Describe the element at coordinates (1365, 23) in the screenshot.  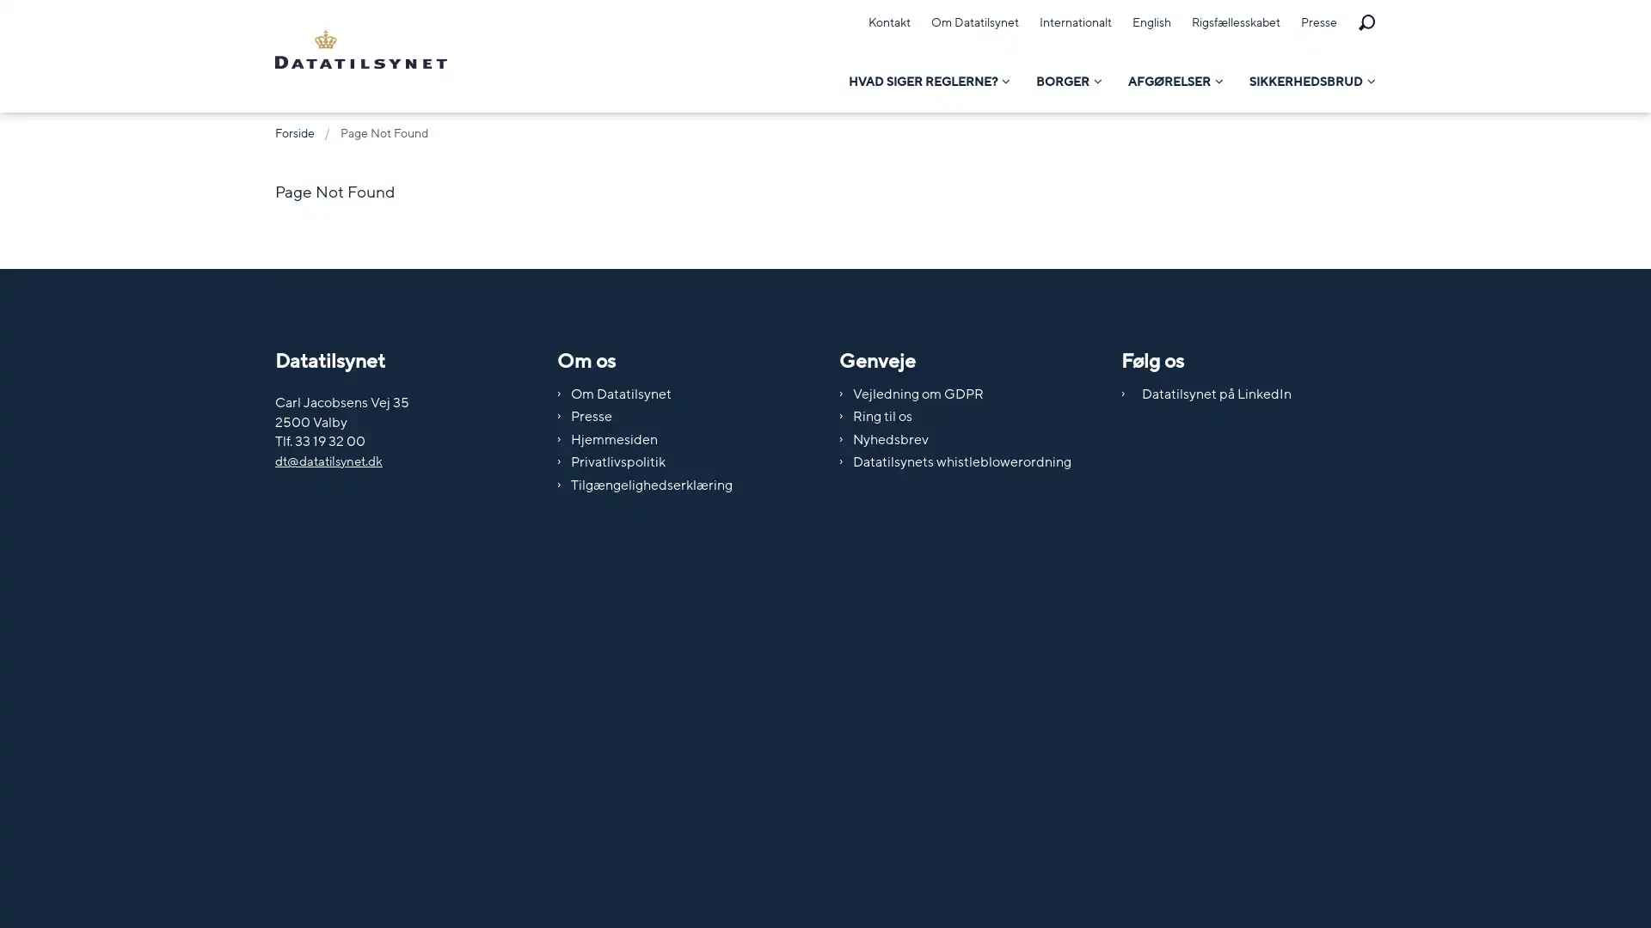
I see `Fold sgefelt ud` at that location.